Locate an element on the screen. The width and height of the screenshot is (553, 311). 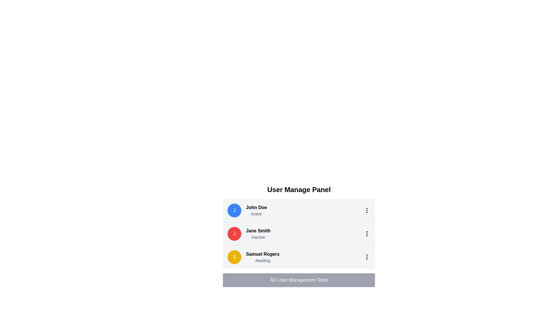
the avatar representing 'Jane Smith', which is located on the leftmost side of the user list is located at coordinates (234, 234).